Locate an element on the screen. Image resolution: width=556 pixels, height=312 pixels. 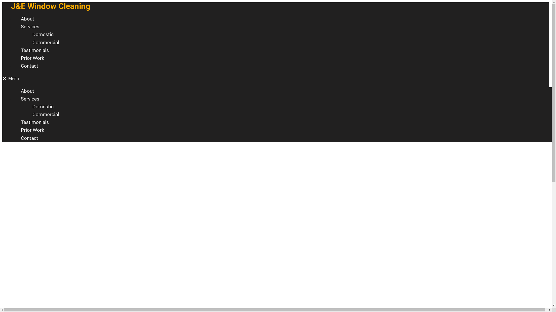
'Commercial' is located at coordinates (45, 42).